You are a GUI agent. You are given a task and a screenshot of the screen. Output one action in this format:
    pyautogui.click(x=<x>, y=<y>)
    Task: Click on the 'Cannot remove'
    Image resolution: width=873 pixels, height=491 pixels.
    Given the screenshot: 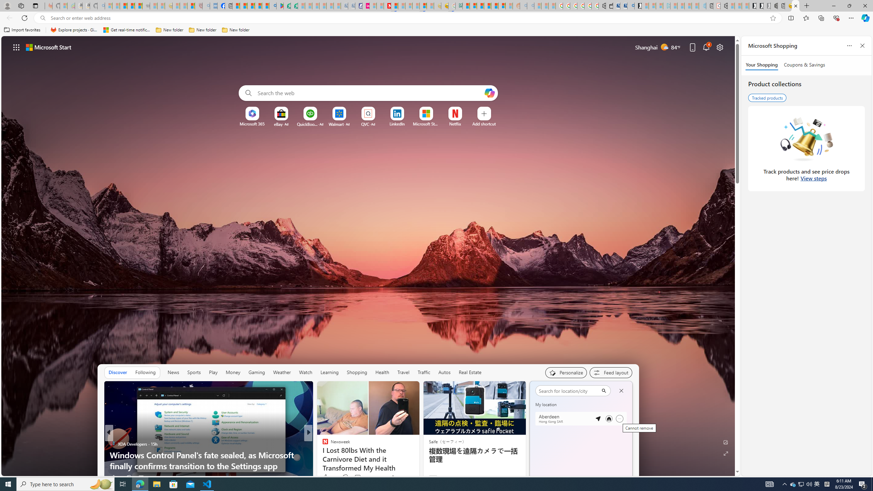 What is the action you would take?
    pyautogui.click(x=619, y=419)
    